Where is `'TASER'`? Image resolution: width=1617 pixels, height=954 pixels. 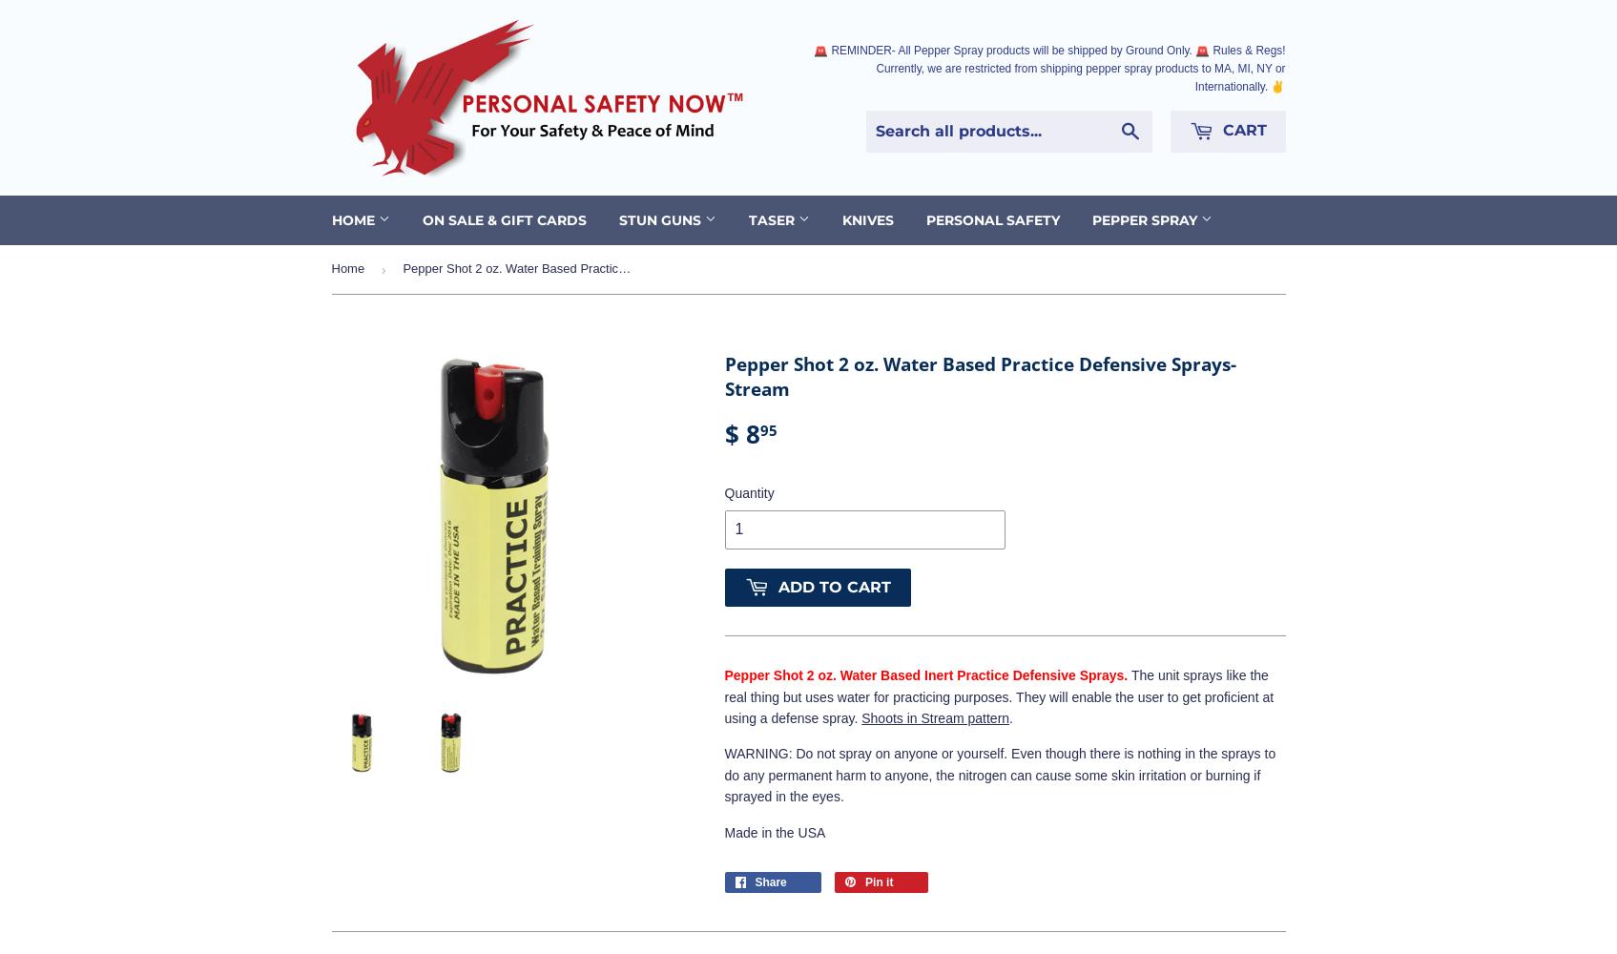
'TASER' is located at coordinates (773, 218).